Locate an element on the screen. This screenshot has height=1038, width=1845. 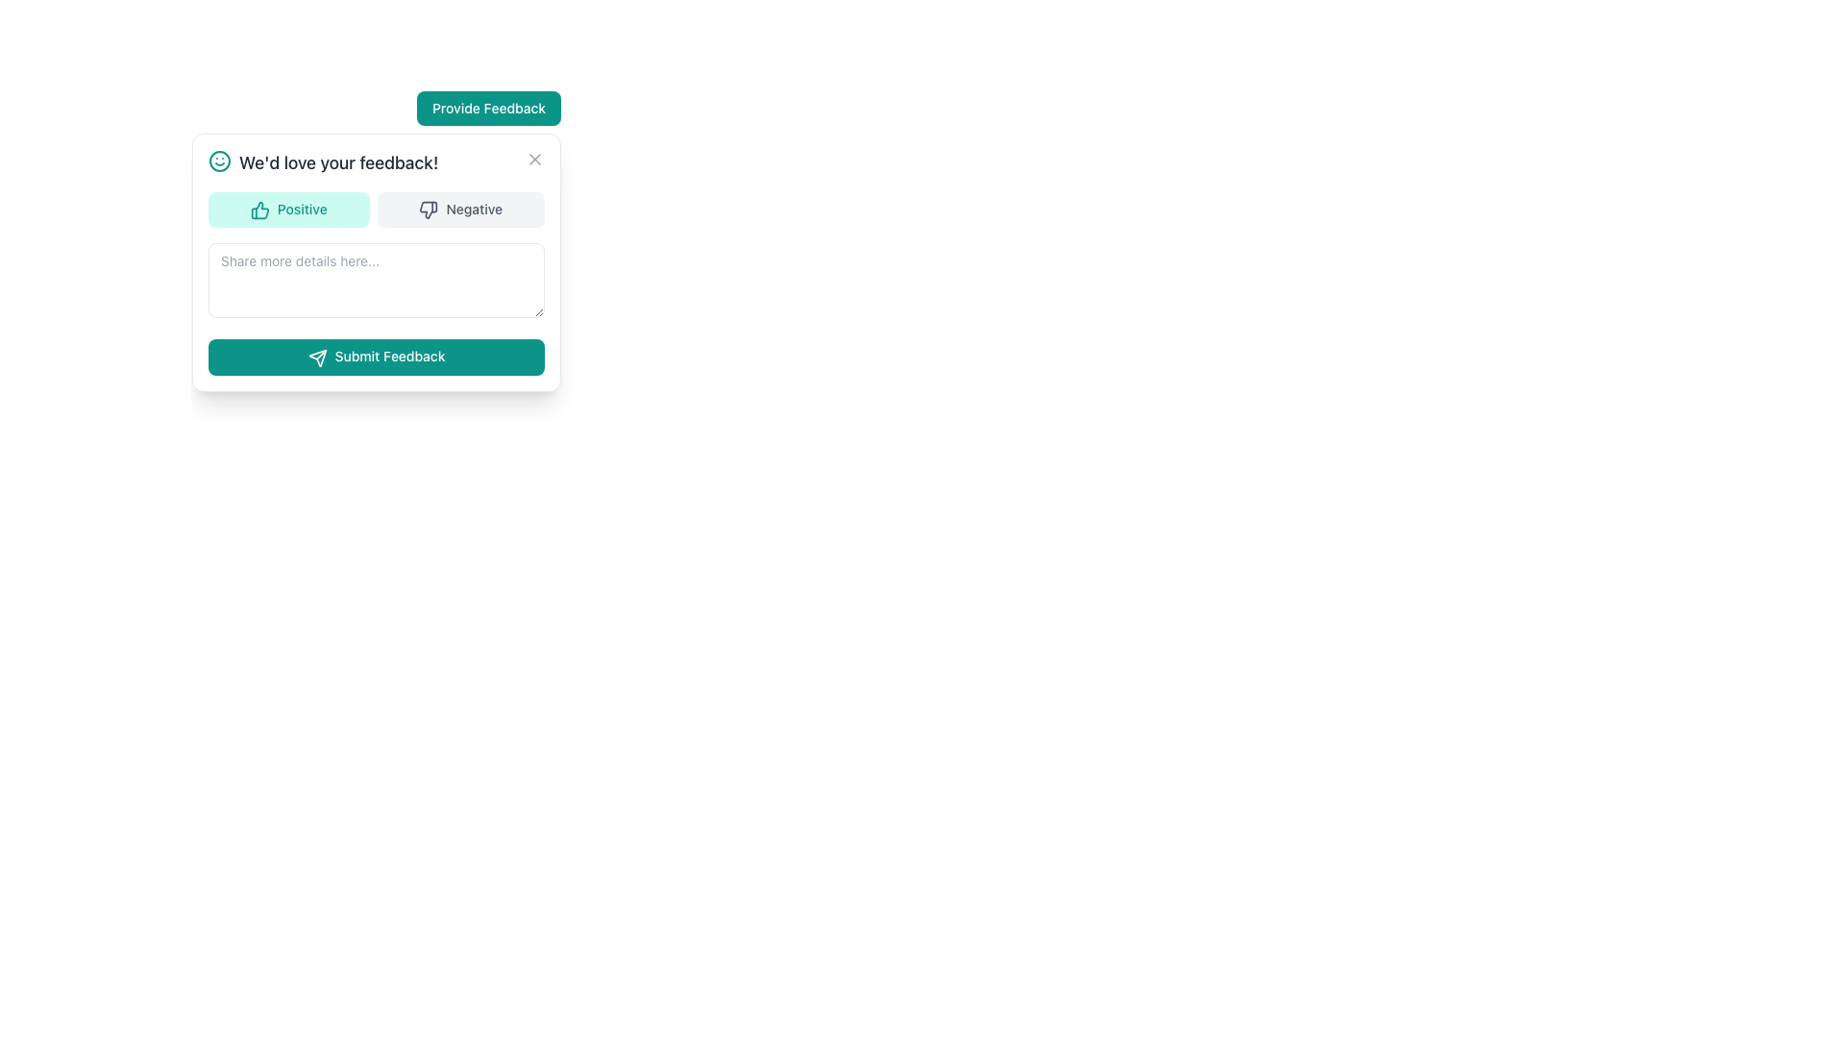
to select text in the multiline text input area located centrally within the feedback panel, below the 'Positive' and 'Negative' buttons, and above the 'Submit Feedback' button is located at coordinates (377, 281).